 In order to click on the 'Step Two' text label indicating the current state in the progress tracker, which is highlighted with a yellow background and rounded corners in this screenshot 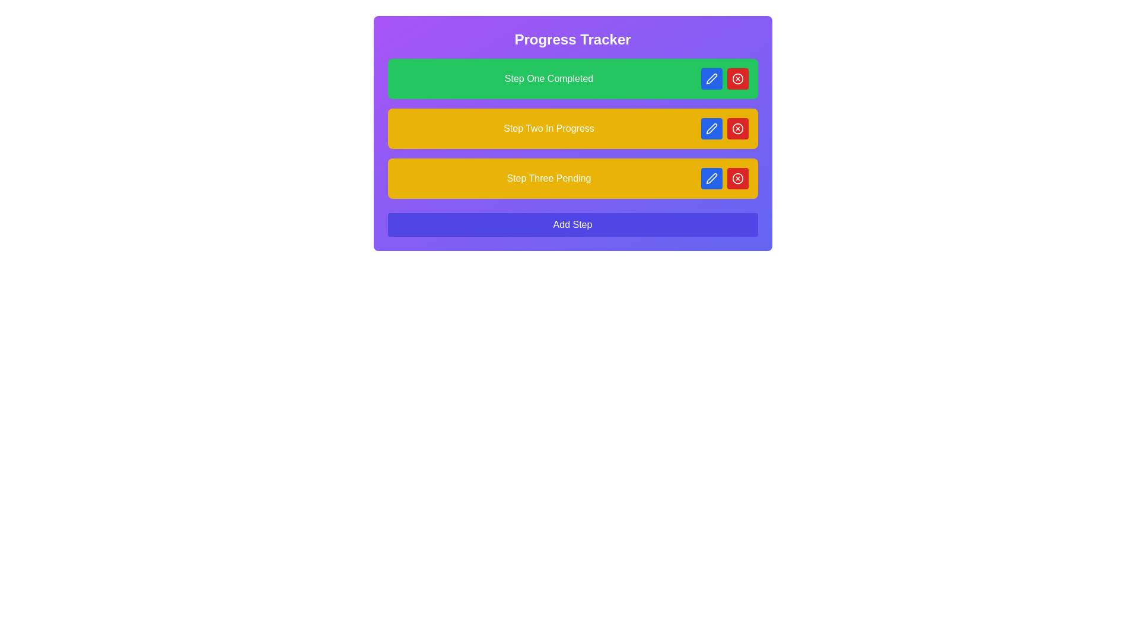, I will do `click(548, 128)`.